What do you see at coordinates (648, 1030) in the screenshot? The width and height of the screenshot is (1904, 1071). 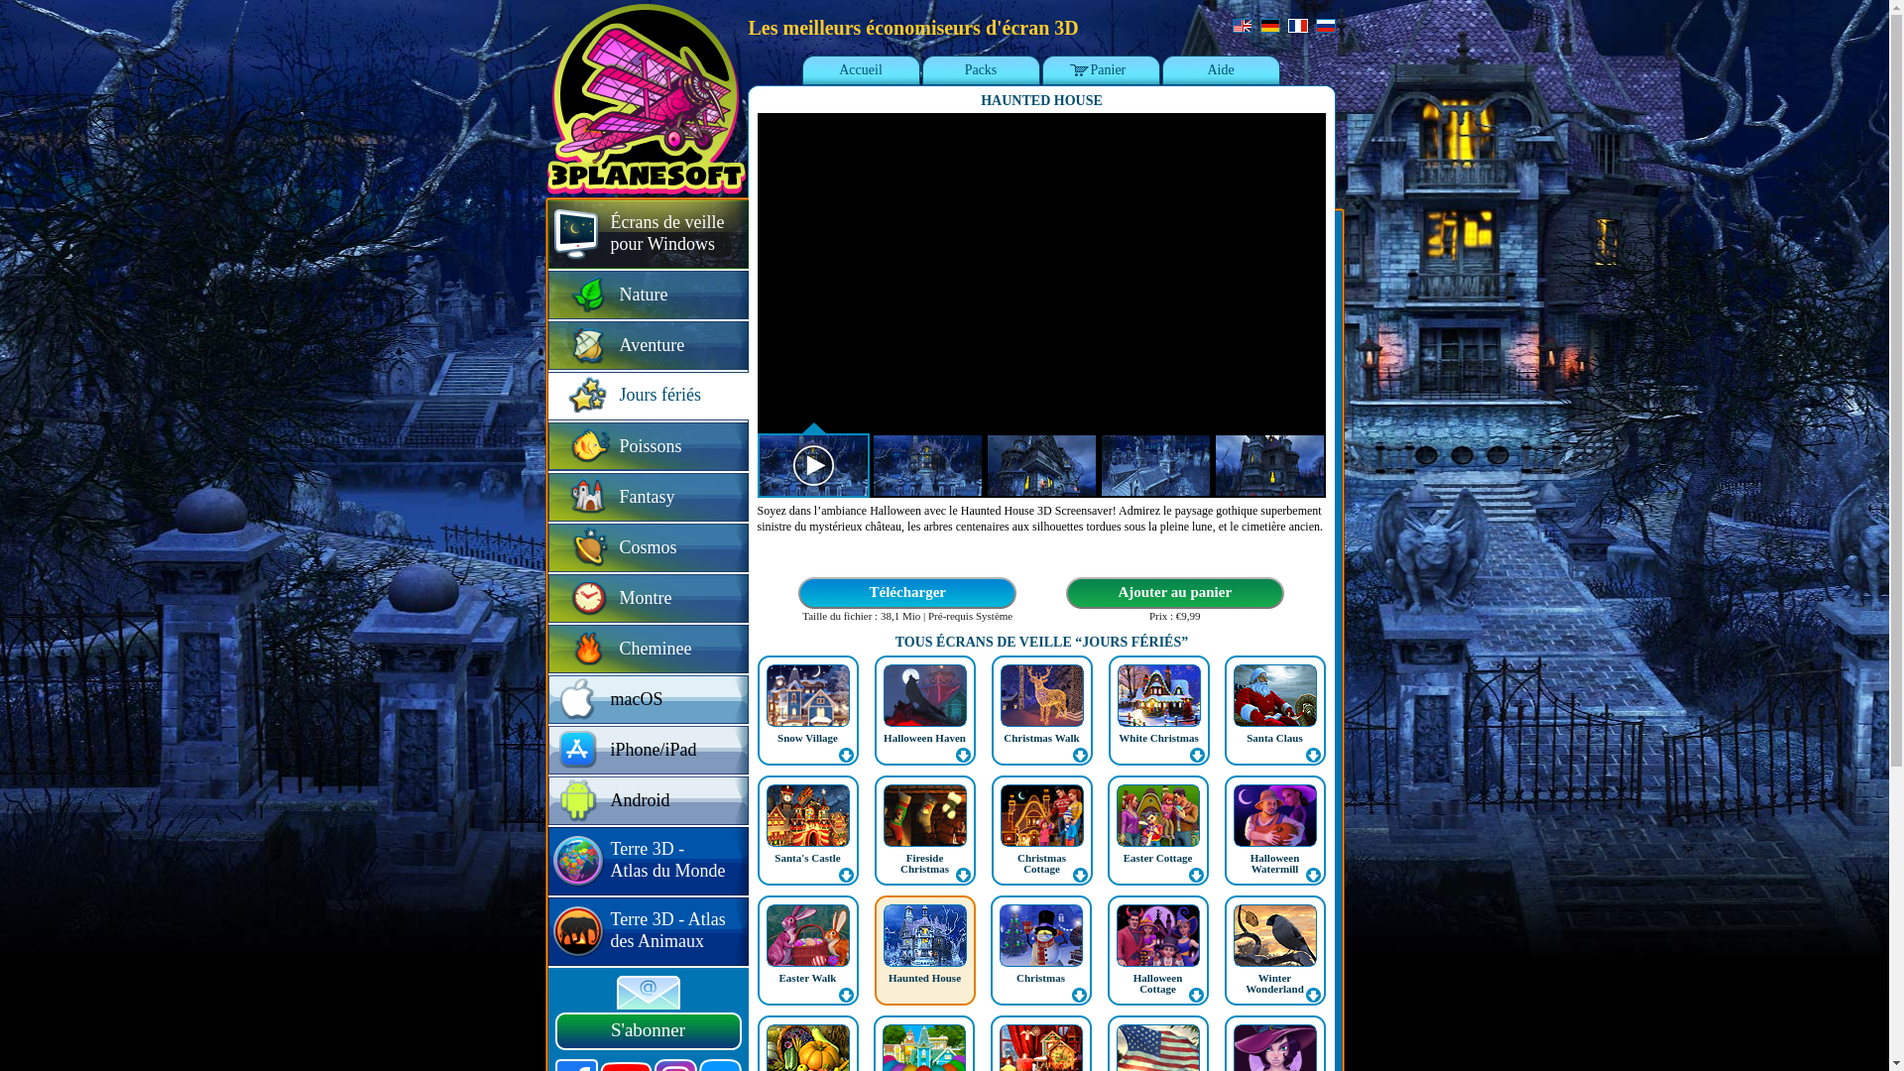 I see `'S'abonner'` at bounding box center [648, 1030].